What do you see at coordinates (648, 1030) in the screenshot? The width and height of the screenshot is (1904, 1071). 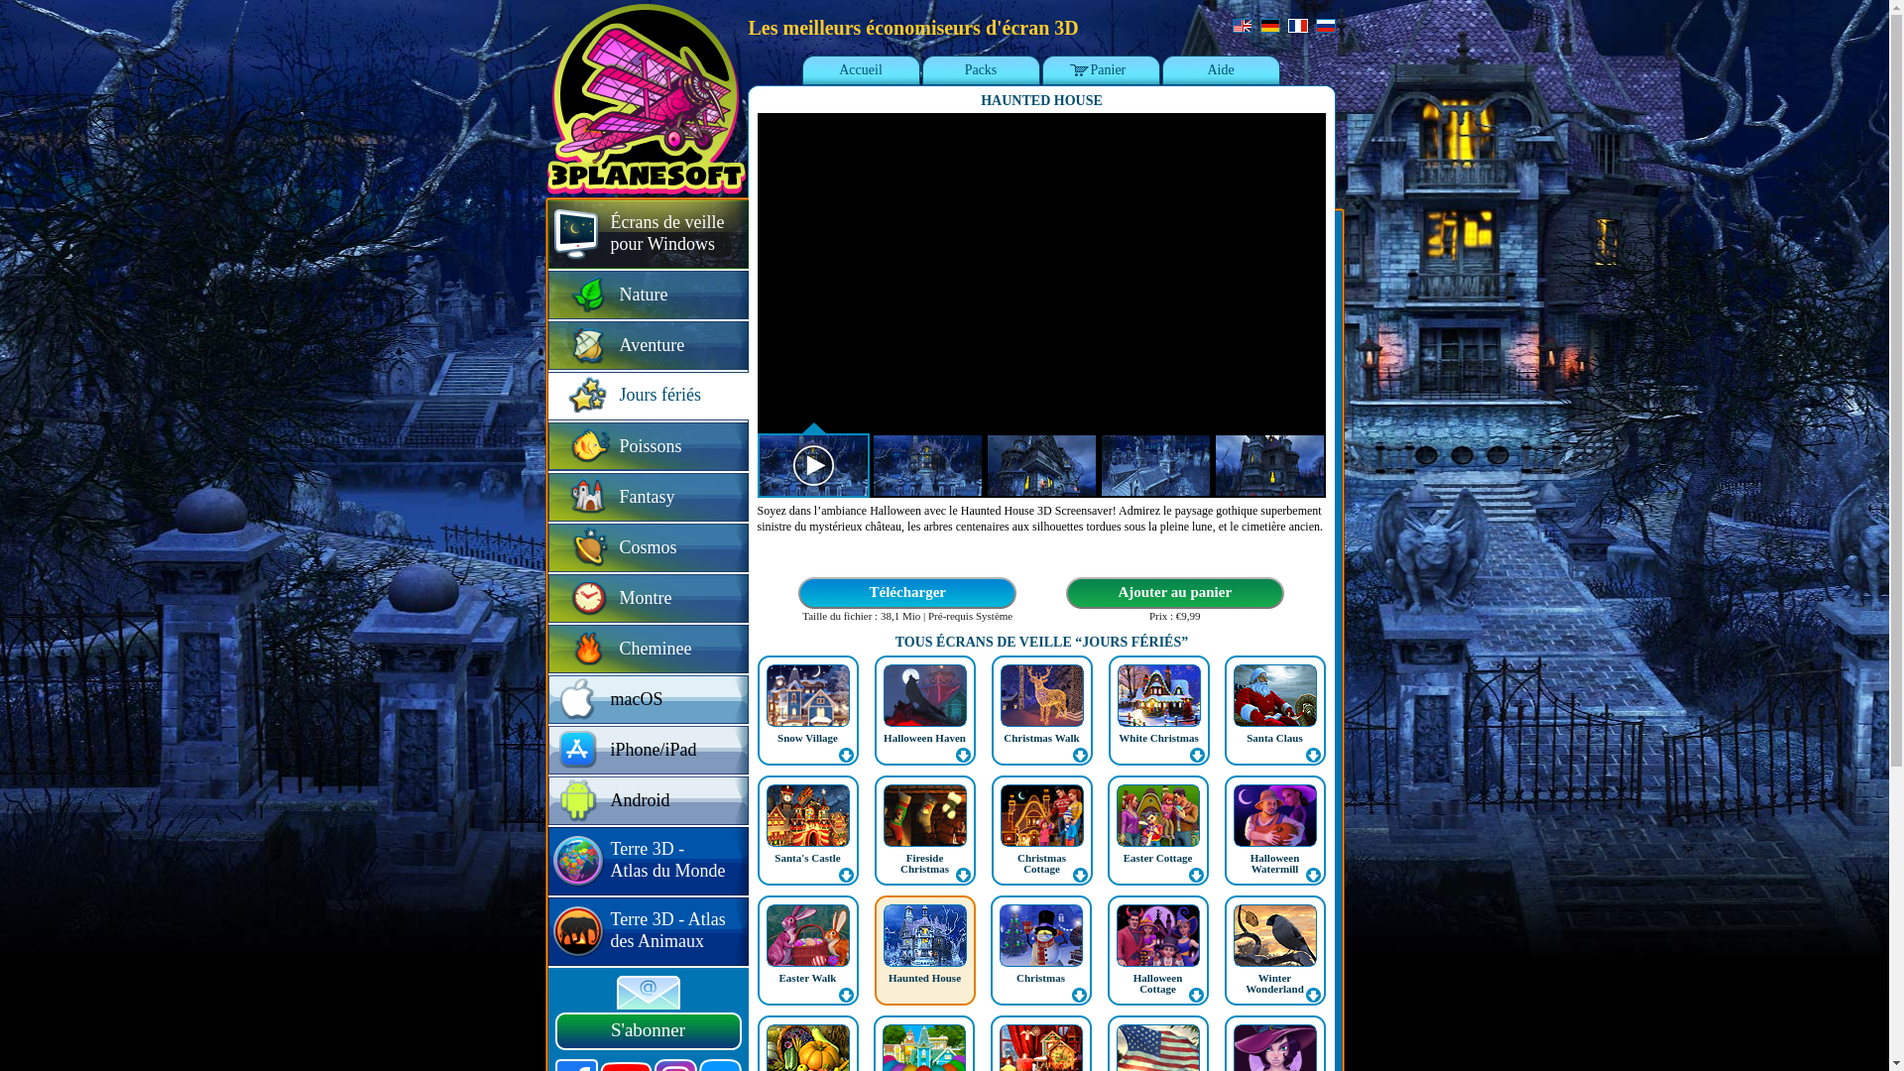 I see `'S'abonner'` at bounding box center [648, 1030].